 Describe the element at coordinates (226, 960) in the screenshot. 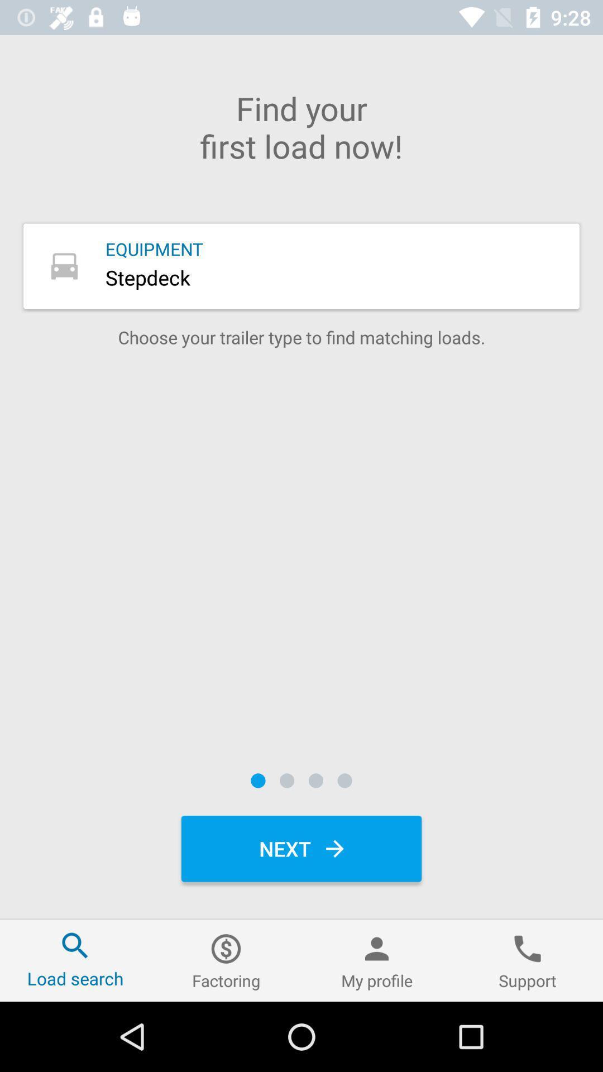

I see `factoring icon` at that location.